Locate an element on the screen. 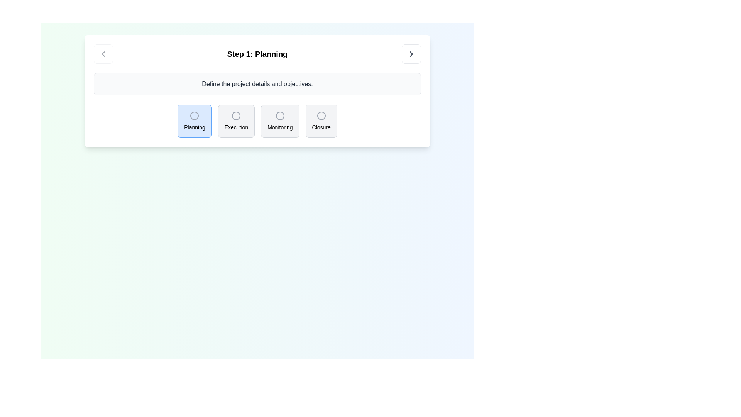  the graphical indicator, a circle with a gray stroke and transparent fill, located within the first selectable icon representing the 'Planning' step is located at coordinates (195, 116).